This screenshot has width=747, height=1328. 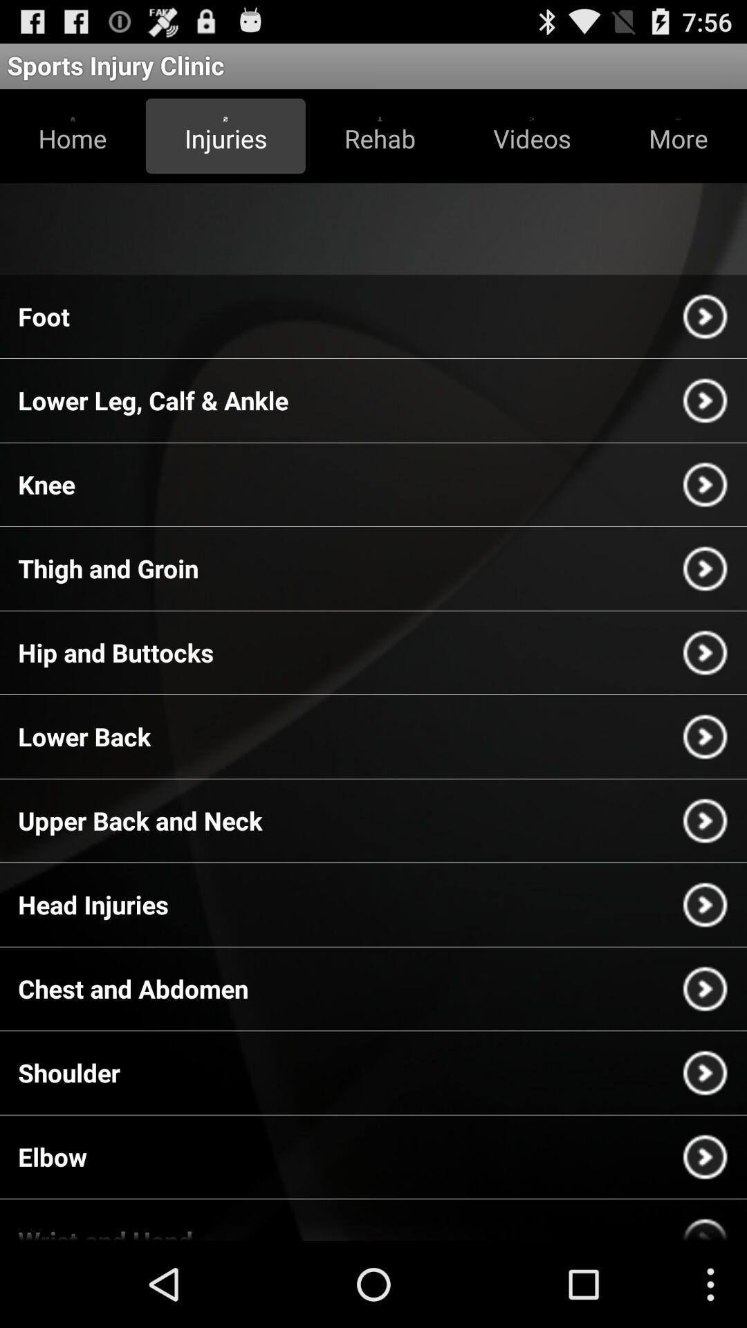 I want to click on app below the sports injury clinic, so click(x=73, y=136).